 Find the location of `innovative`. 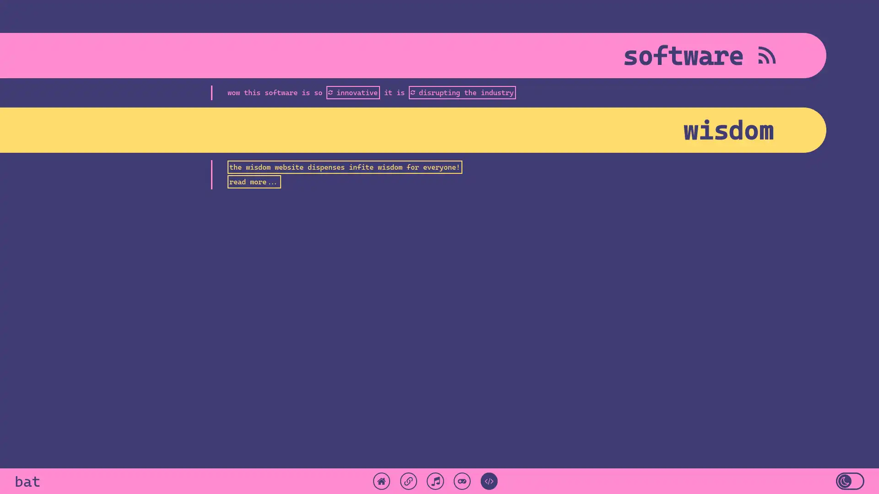

innovative is located at coordinates (352, 92).